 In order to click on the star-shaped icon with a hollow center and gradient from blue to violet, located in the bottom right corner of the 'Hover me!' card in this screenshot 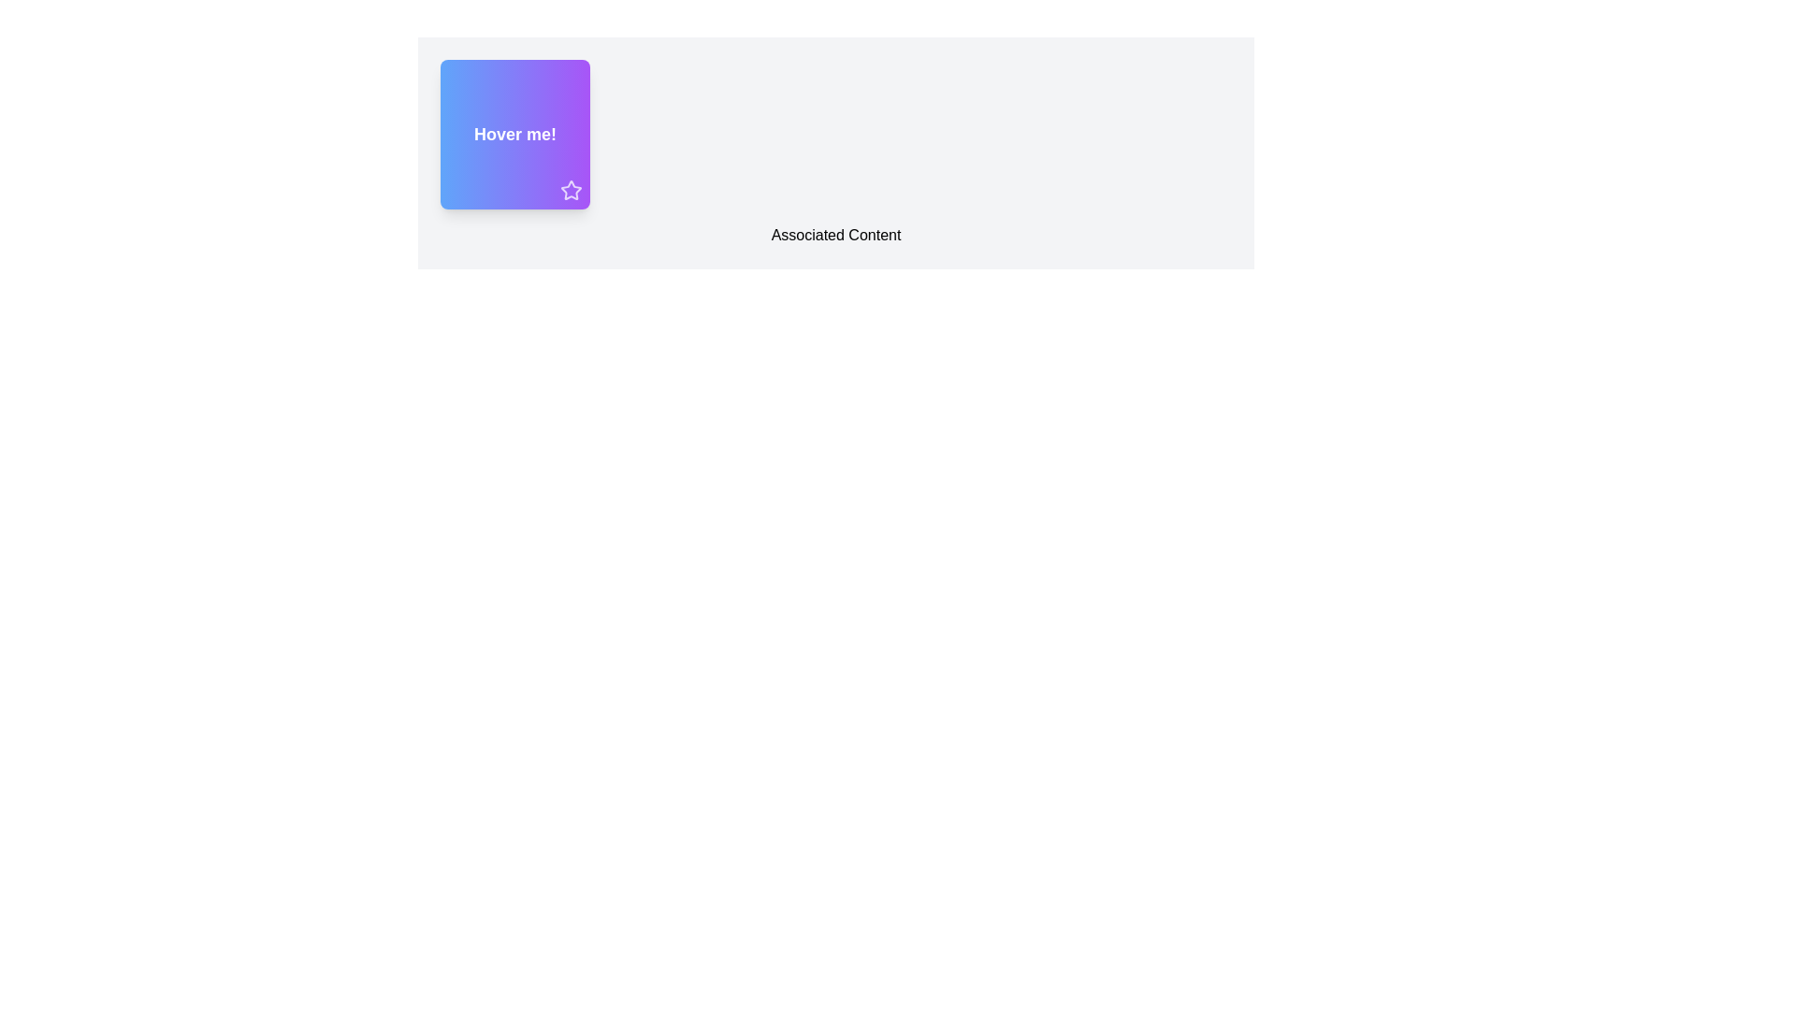, I will do `click(570, 190)`.